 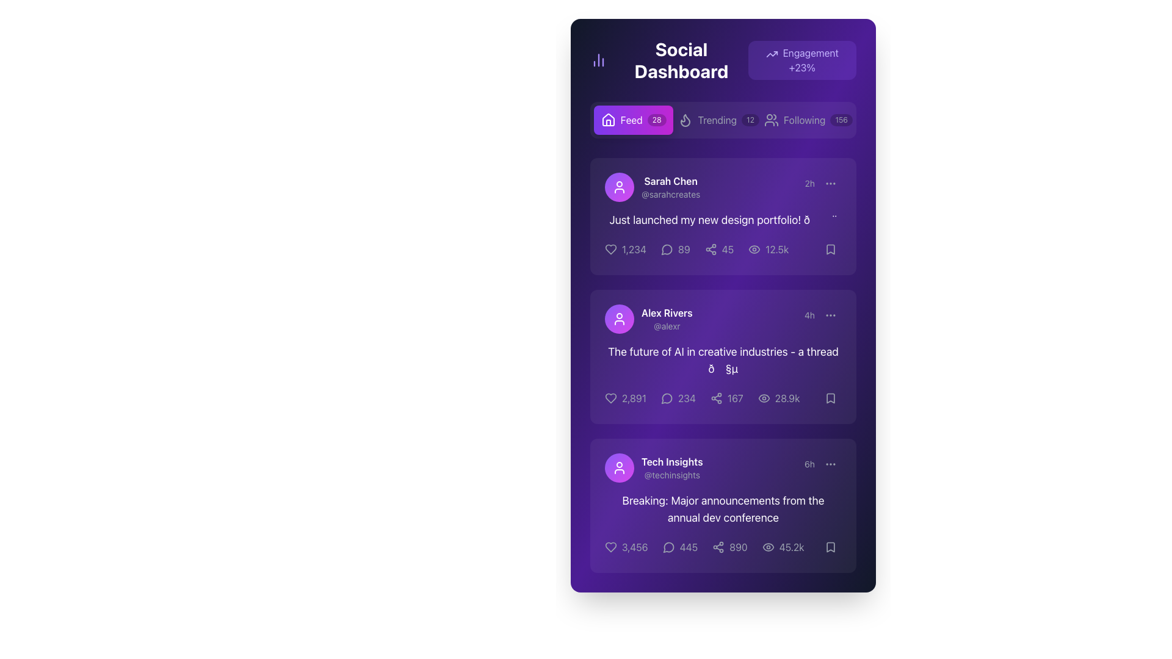 What do you see at coordinates (754, 248) in the screenshot?
I see `the visual representation of the eye icon that signifies view count for the post by 'Sarah Chen', located in the second row of statistical metrics preceding the text '12.5k'` at bounding box center [754, 248].